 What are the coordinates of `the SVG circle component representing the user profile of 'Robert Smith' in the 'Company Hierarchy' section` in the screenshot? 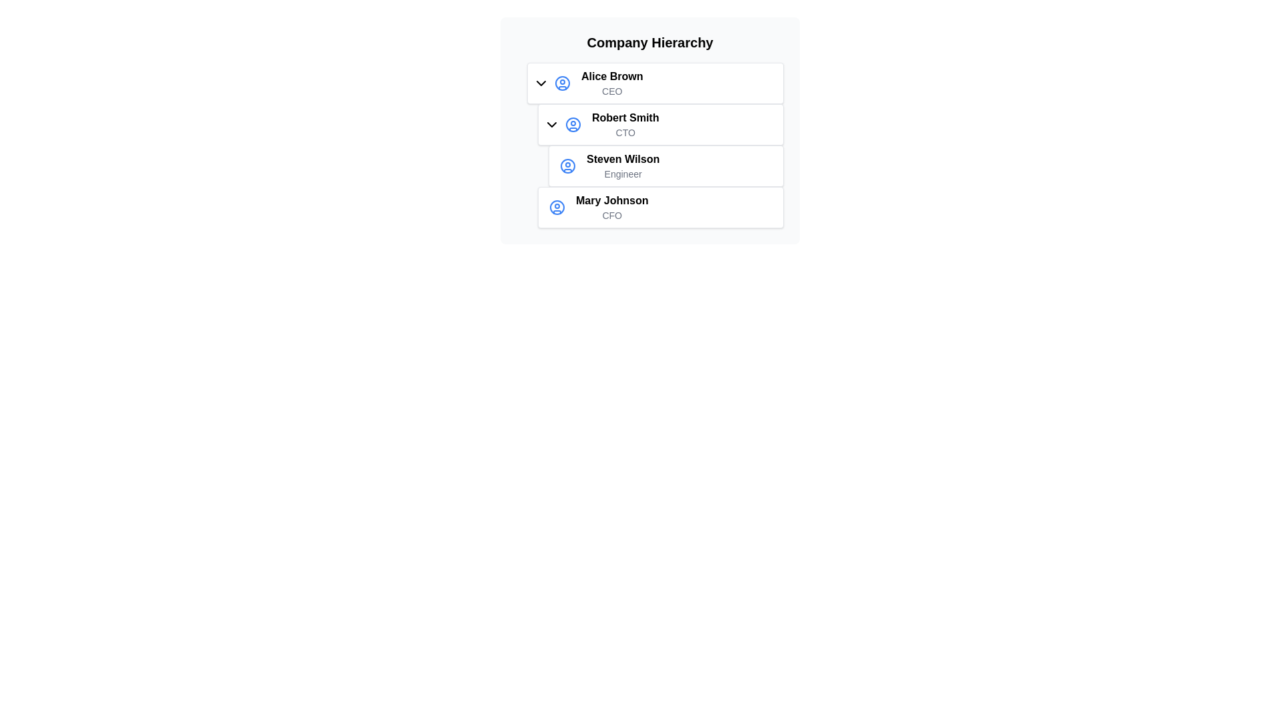 It's located at (567, 166).